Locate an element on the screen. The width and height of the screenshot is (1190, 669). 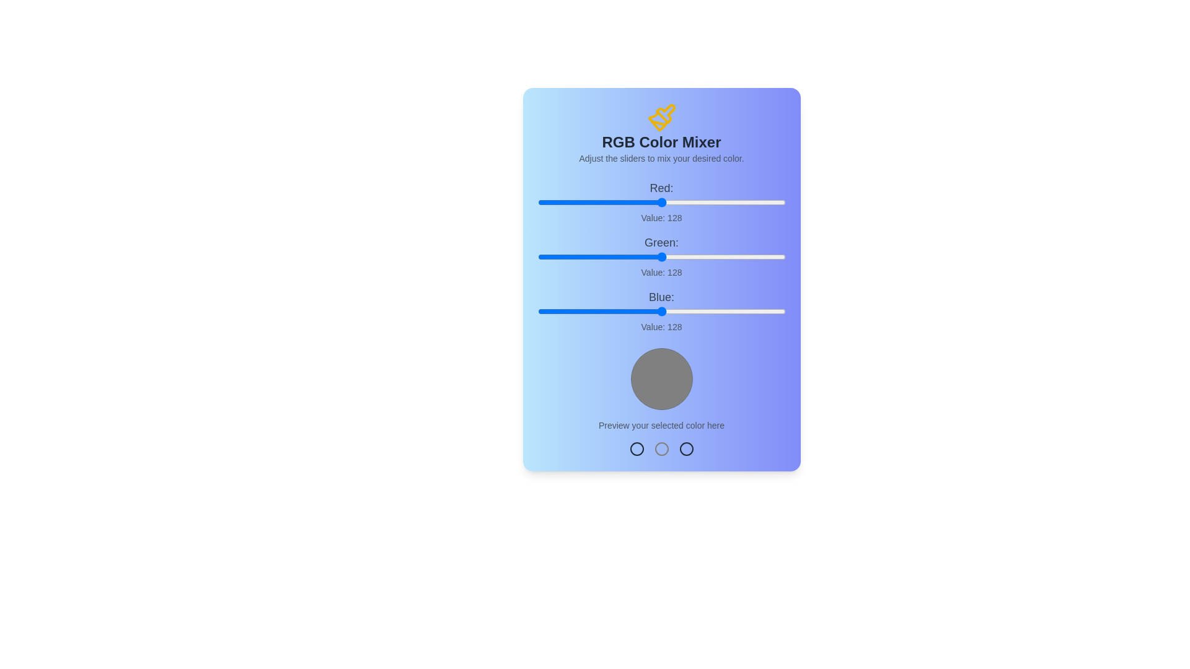
the red slider to set the red component to 55 is located at coordinates (590, 202).